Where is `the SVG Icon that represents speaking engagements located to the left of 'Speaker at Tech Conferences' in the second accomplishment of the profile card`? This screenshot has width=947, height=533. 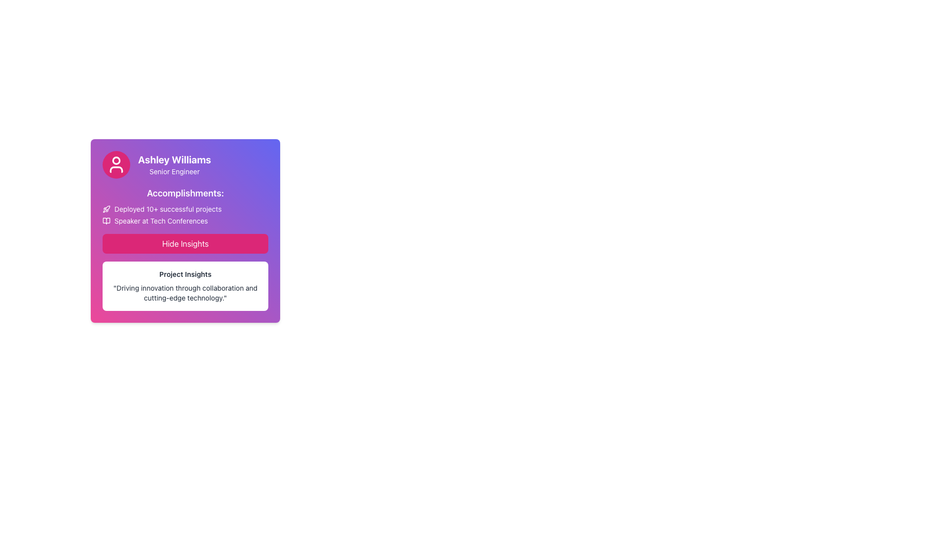
the SVG Icon that represents speaking engagements located to the left of 'Speaker at Tech Conferences' in the second accomplishment of the profile card is located at coordinates (107, 220).